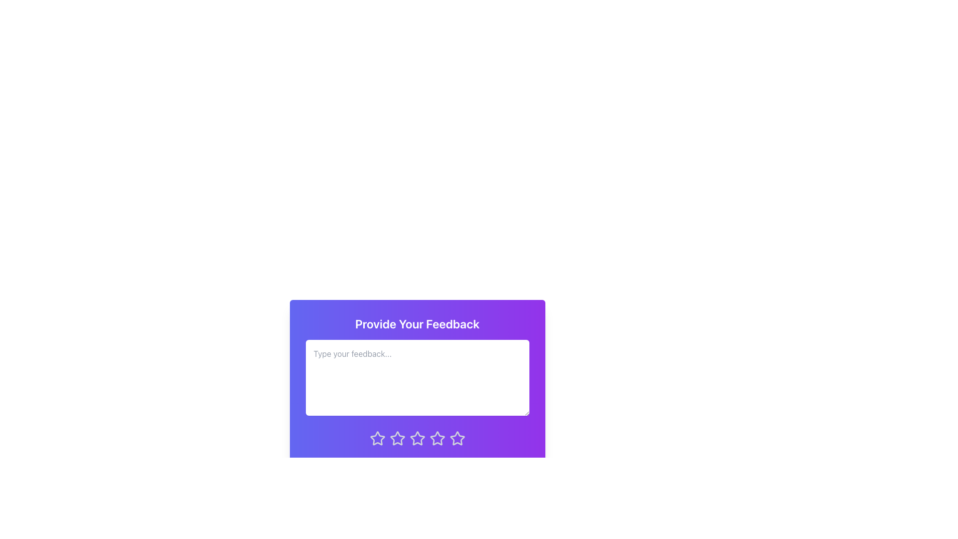 The image size is (958, 539). What do you see at coordinates (437, 438) in the screenshot?
I see `the fourth star icon in the rating system located beneath the 'Provide Your Feedback' text input field` at bounding box center [437, 438].